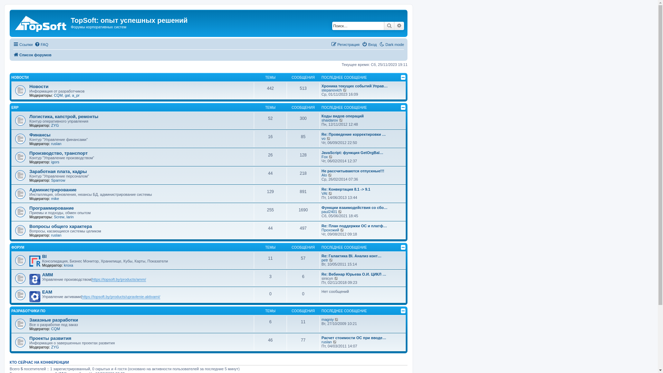 Image resolution: width=663 pixels, height=373 pixels. I want to click on 'Sparrow', so click(58, 180).